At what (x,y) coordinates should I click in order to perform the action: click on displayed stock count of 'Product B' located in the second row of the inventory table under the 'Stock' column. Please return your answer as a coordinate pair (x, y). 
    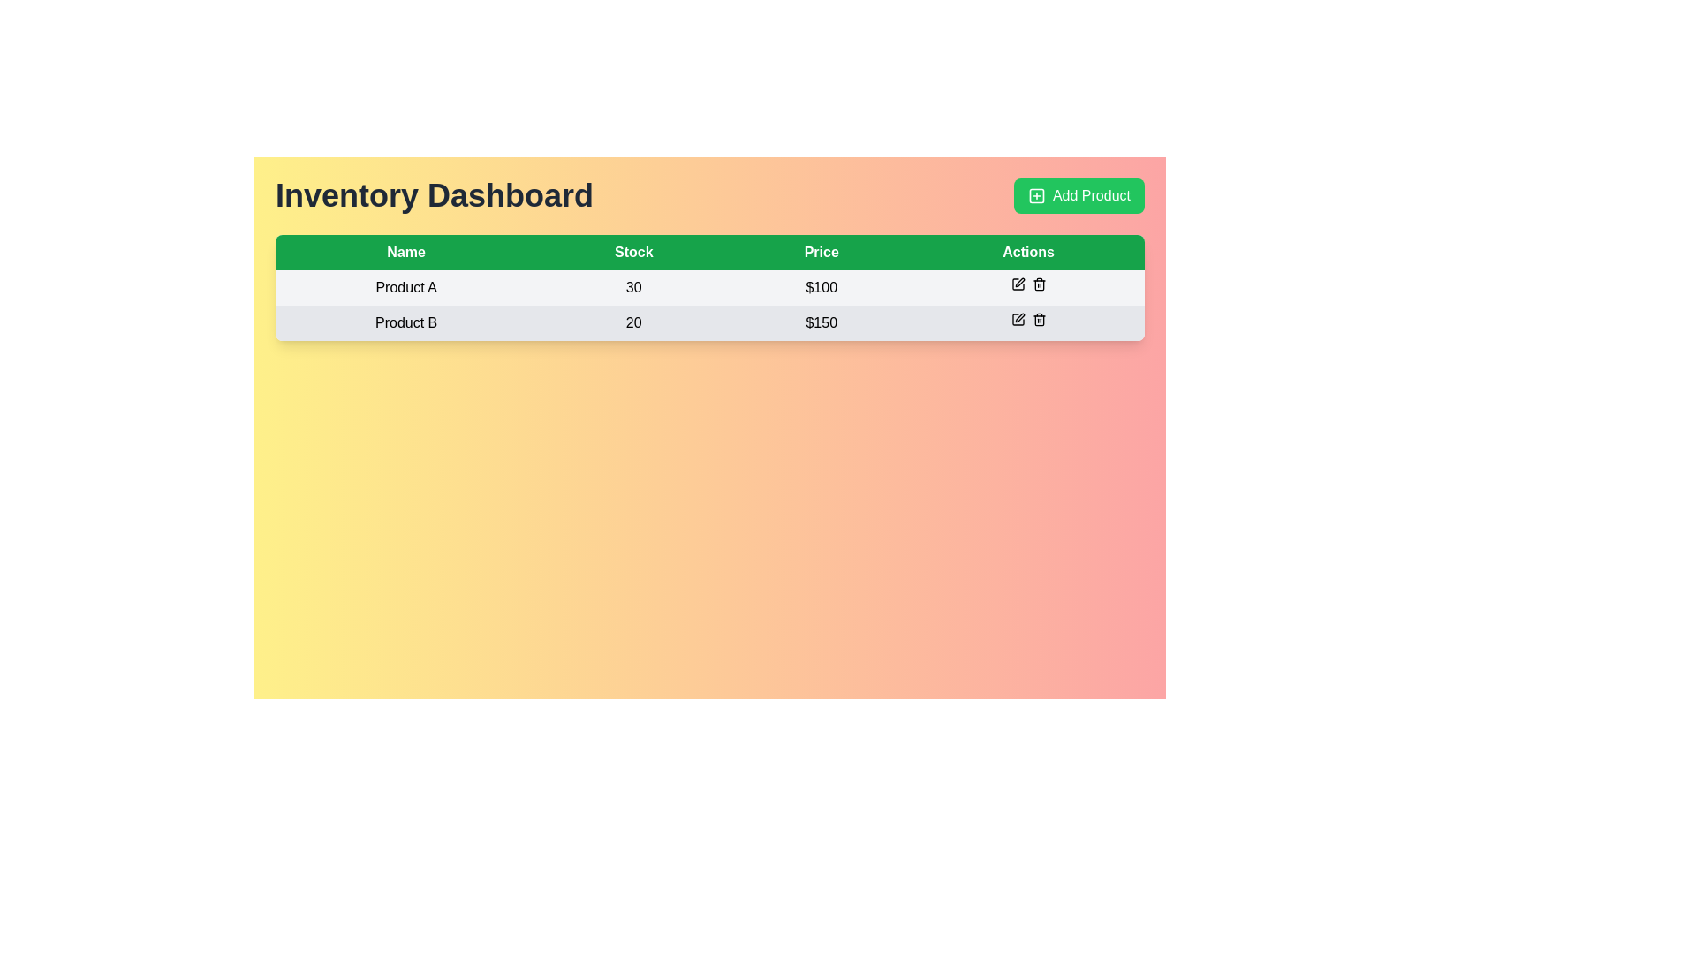
    Looking at the image, I should click on (633, 323).